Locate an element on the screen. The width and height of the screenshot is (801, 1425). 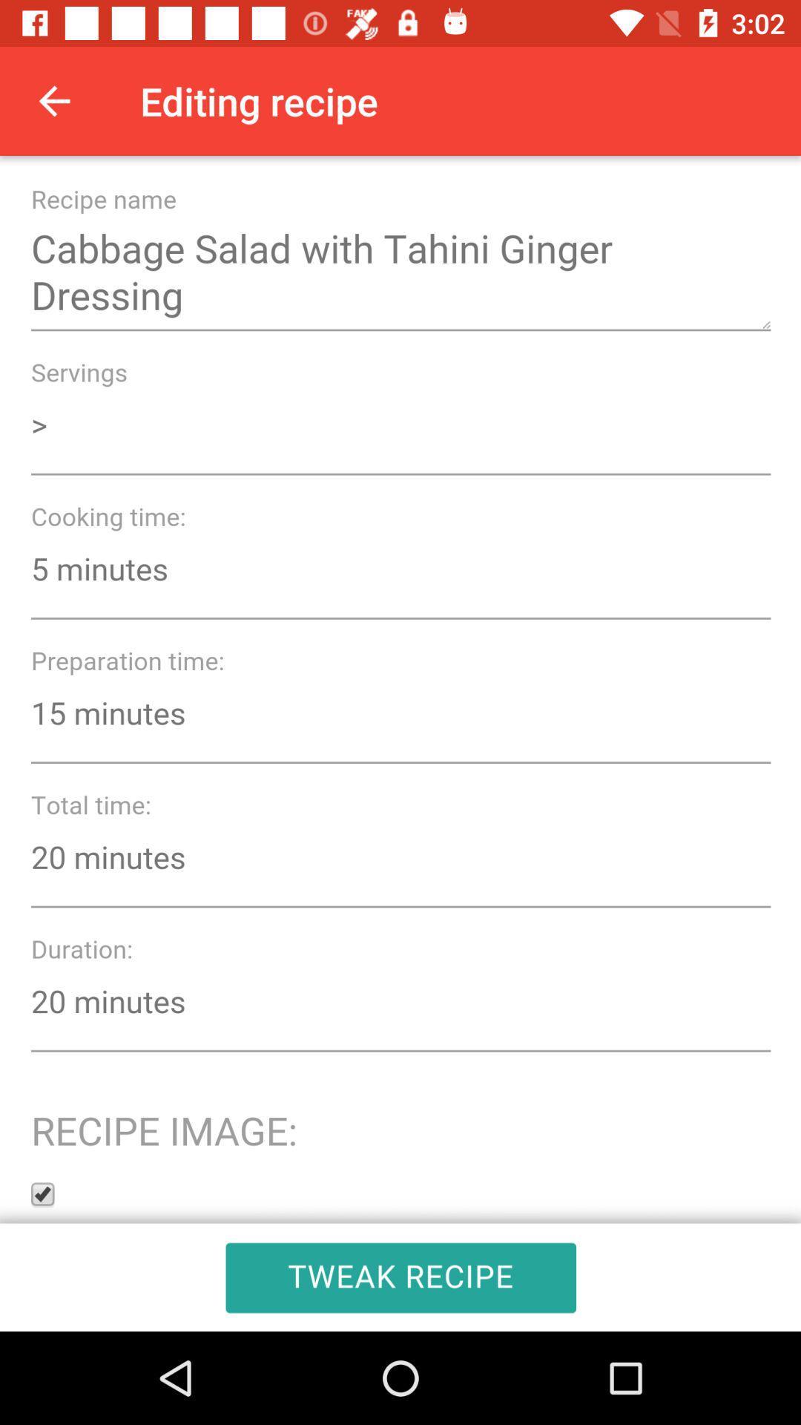
screen botton is located at coordinates (400, 744).